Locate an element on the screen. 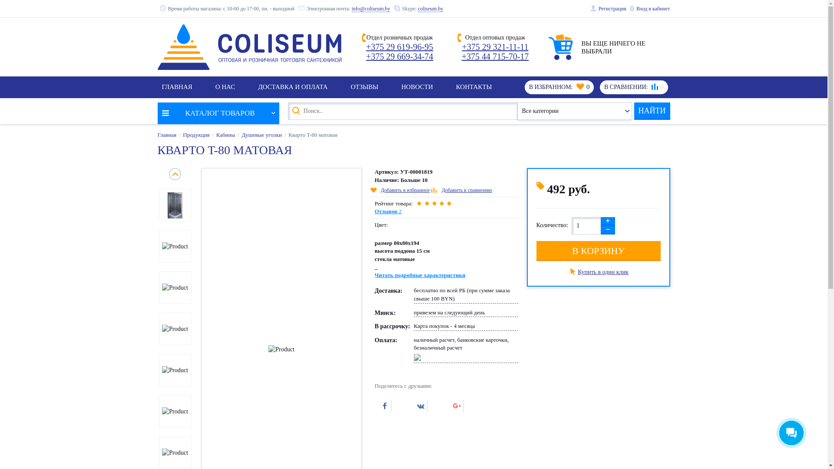 This screenshot has width=834, height=469. '+375 29 321-11-11' is located at coordinates (495, 47).